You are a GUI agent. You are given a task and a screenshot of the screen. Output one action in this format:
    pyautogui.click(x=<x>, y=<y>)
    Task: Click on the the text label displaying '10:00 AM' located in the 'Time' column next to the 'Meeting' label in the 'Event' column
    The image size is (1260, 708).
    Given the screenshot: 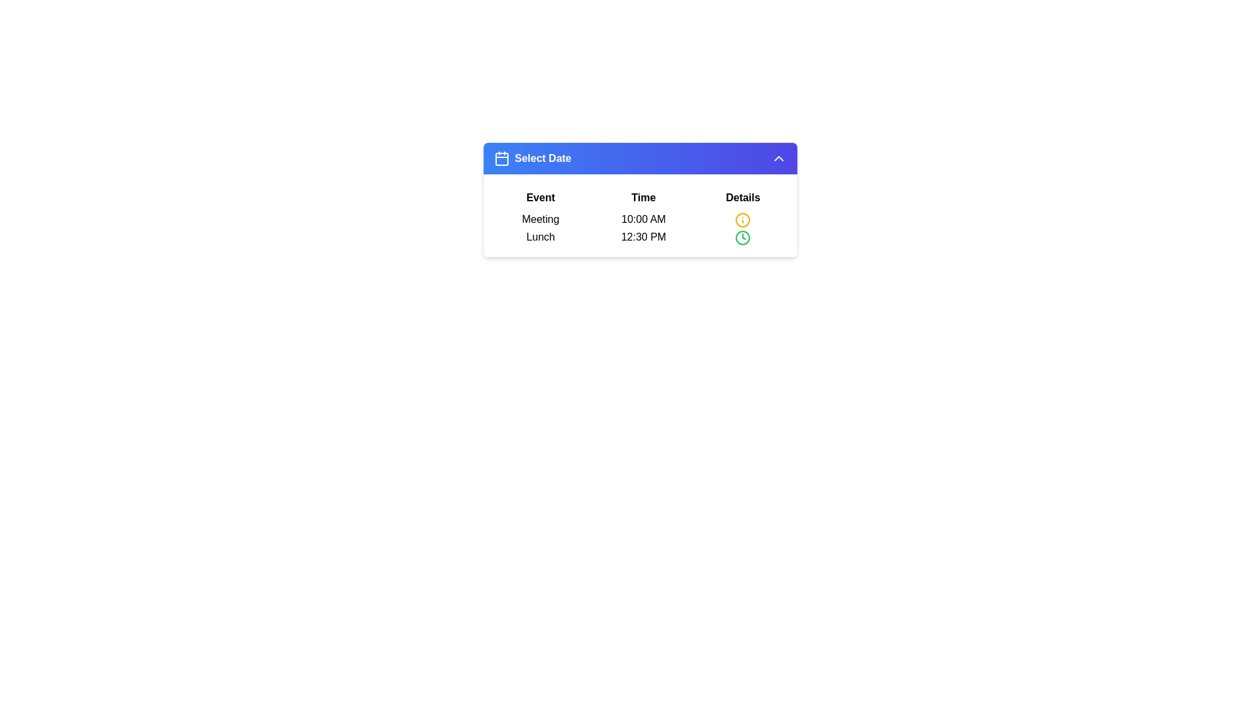 What is the action you would take?
    pyautogui.click(x=643, y=219)
    